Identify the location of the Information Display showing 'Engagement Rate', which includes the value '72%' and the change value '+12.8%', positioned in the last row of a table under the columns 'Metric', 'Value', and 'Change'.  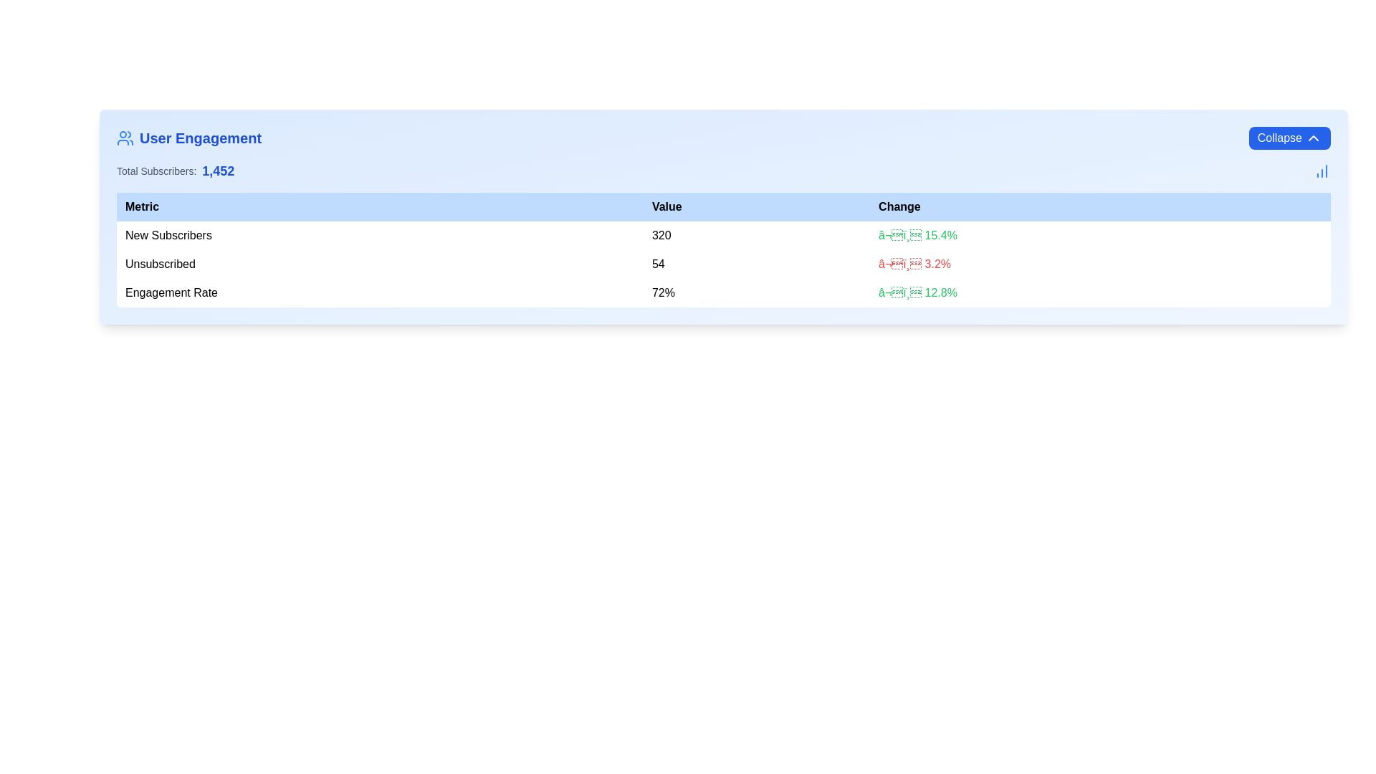
(723, 292).